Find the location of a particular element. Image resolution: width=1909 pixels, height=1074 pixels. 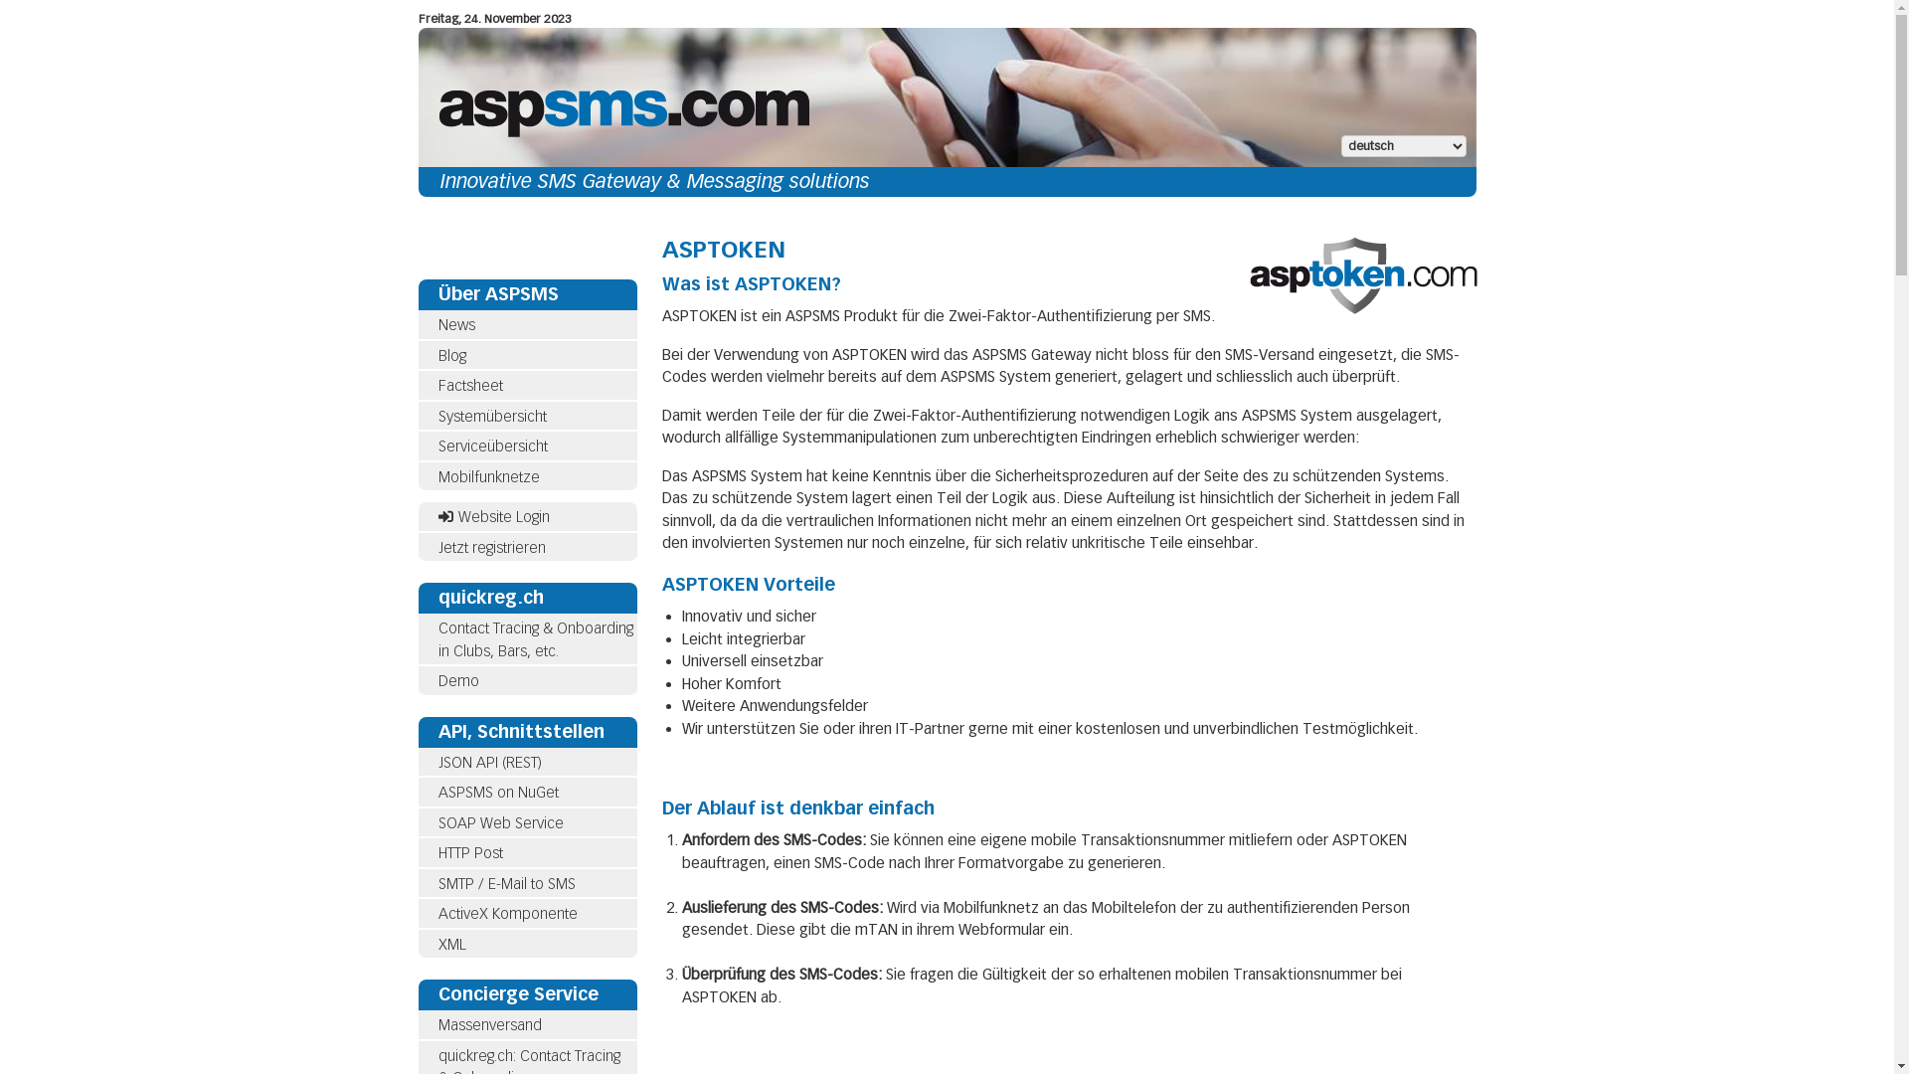

'Factsheet' is located at coordinates (526, 386).